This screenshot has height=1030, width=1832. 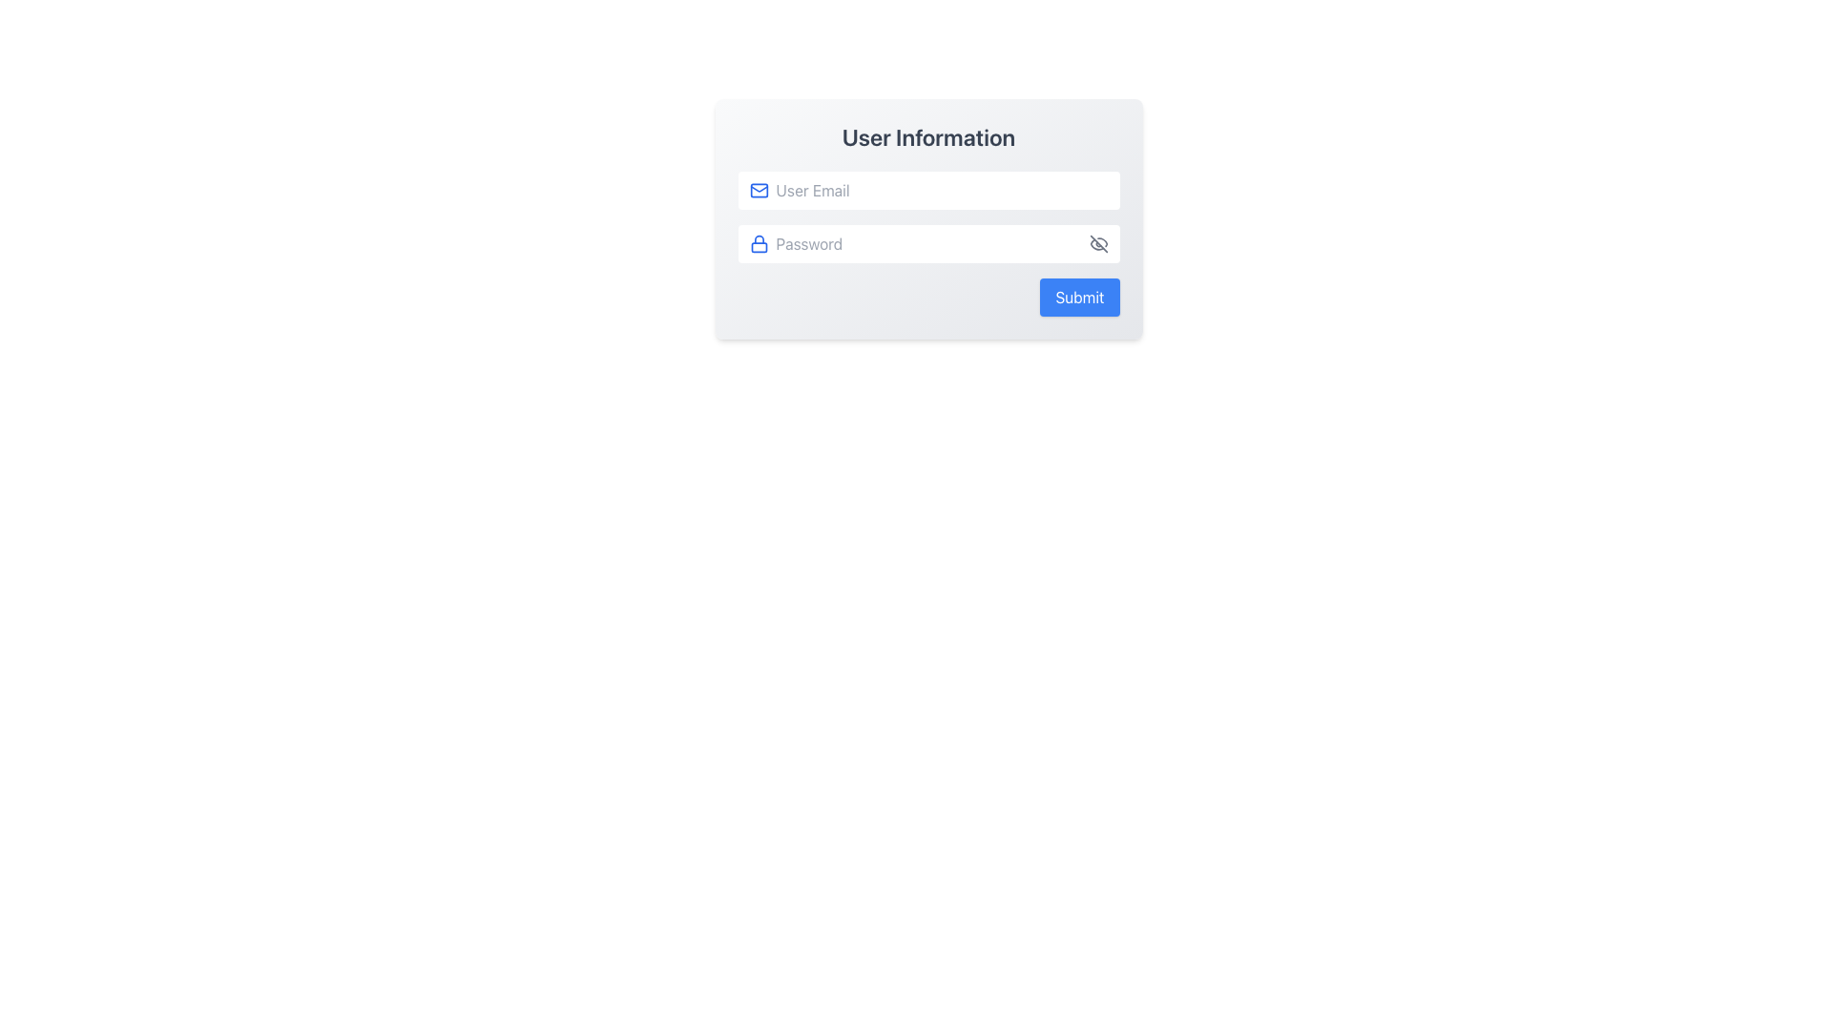 What do you see at coordinates (1098, 242) in the screenshot?
I see `the button to the right of the password input field` at bounding box center [1098, 242].